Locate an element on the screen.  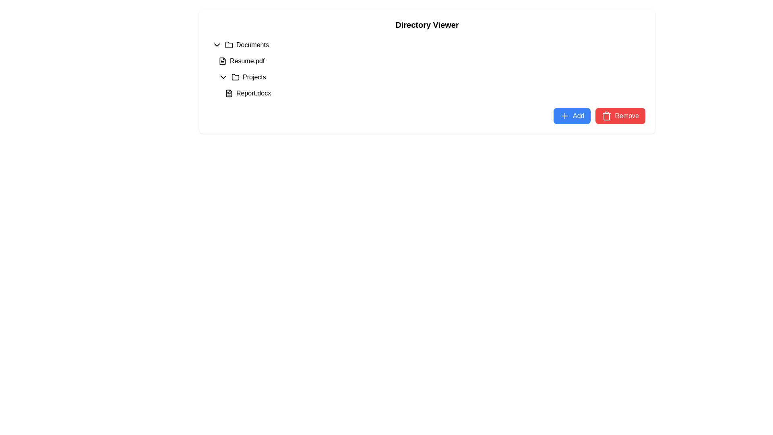
the 'Projects' text label that identifies a folder within the 'Documents' expandable directory structure is located at coordinates (254, 77).